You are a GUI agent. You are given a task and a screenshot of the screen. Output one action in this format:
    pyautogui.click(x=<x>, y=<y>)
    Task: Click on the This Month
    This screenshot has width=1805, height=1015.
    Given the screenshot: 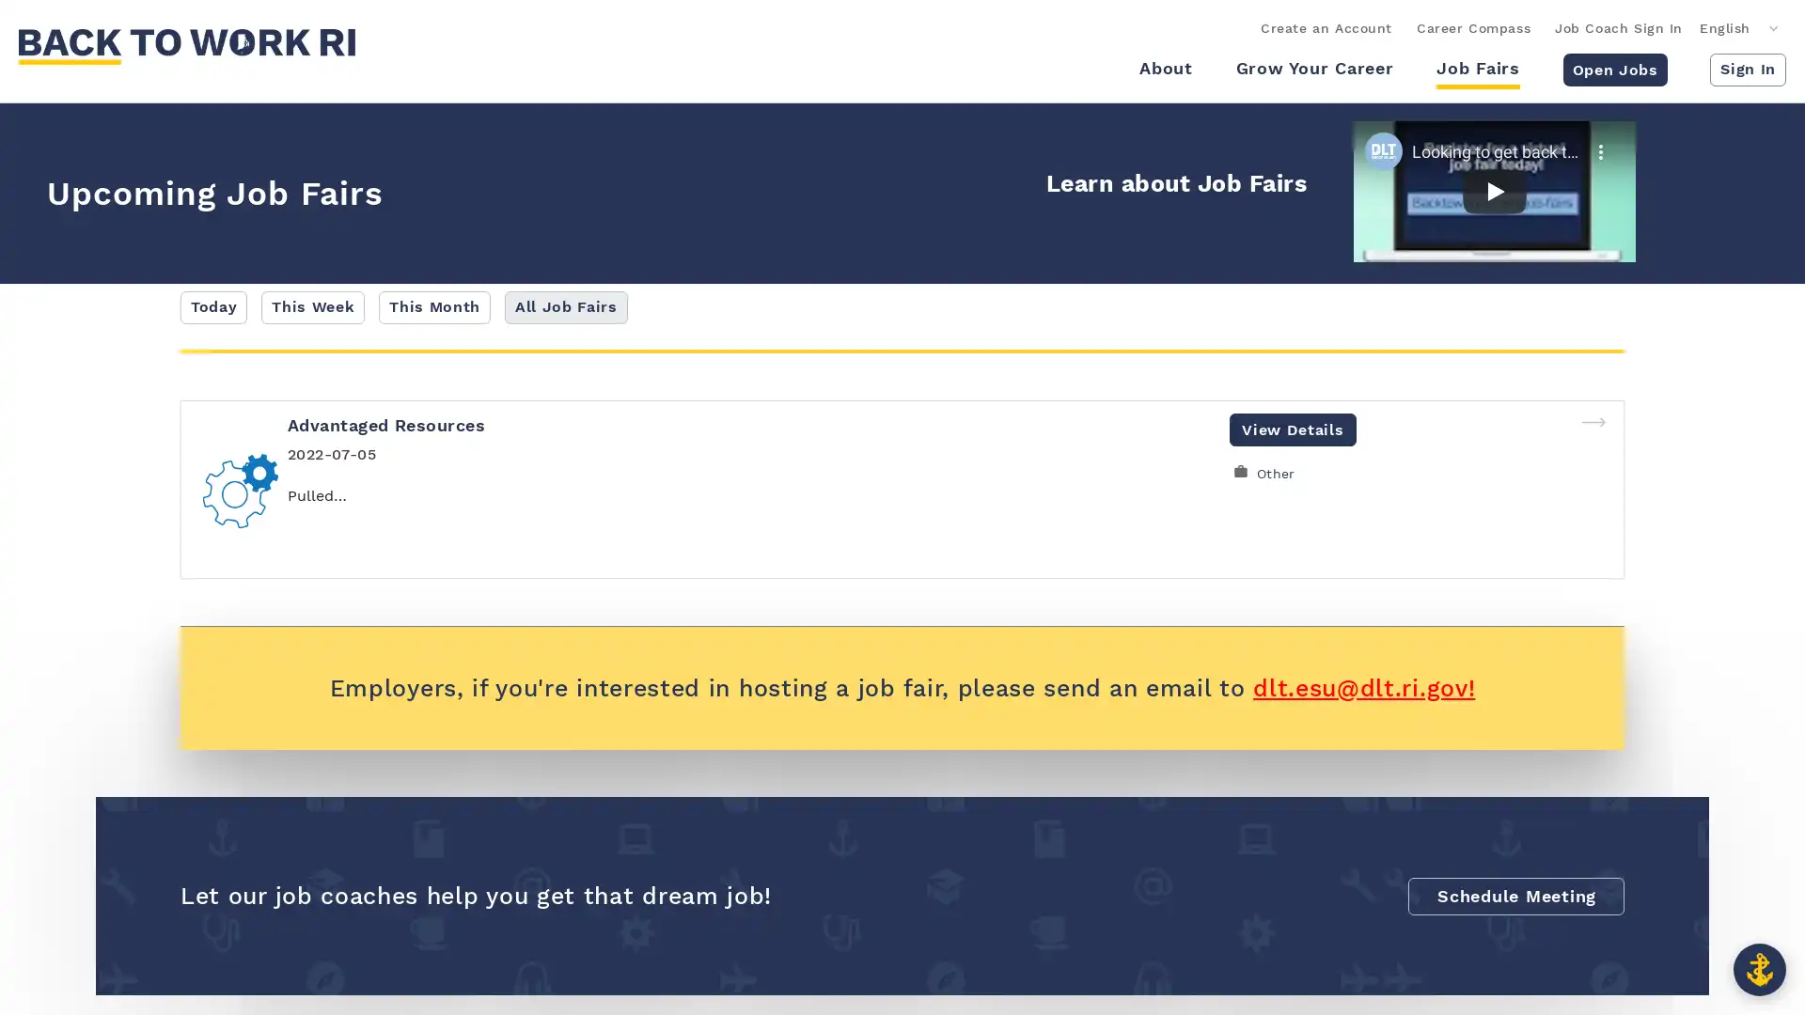 What is the action you would take?
    pyautogui.click(x=433, y=306)
    